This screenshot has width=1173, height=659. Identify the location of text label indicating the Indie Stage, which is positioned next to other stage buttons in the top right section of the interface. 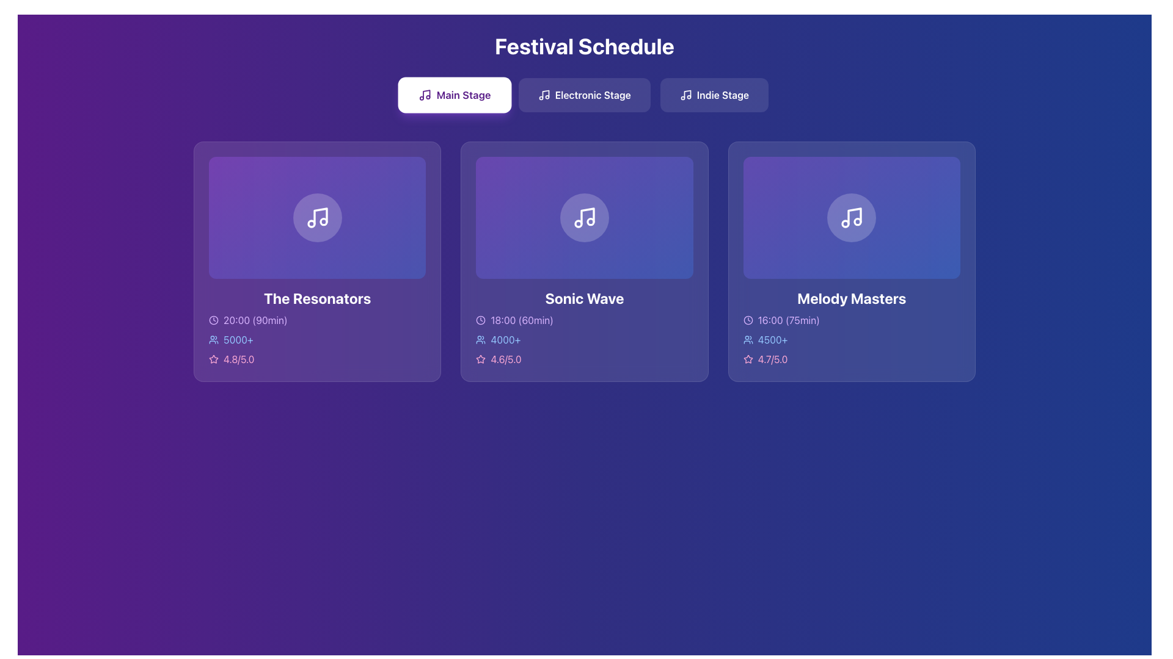
(723, 94).